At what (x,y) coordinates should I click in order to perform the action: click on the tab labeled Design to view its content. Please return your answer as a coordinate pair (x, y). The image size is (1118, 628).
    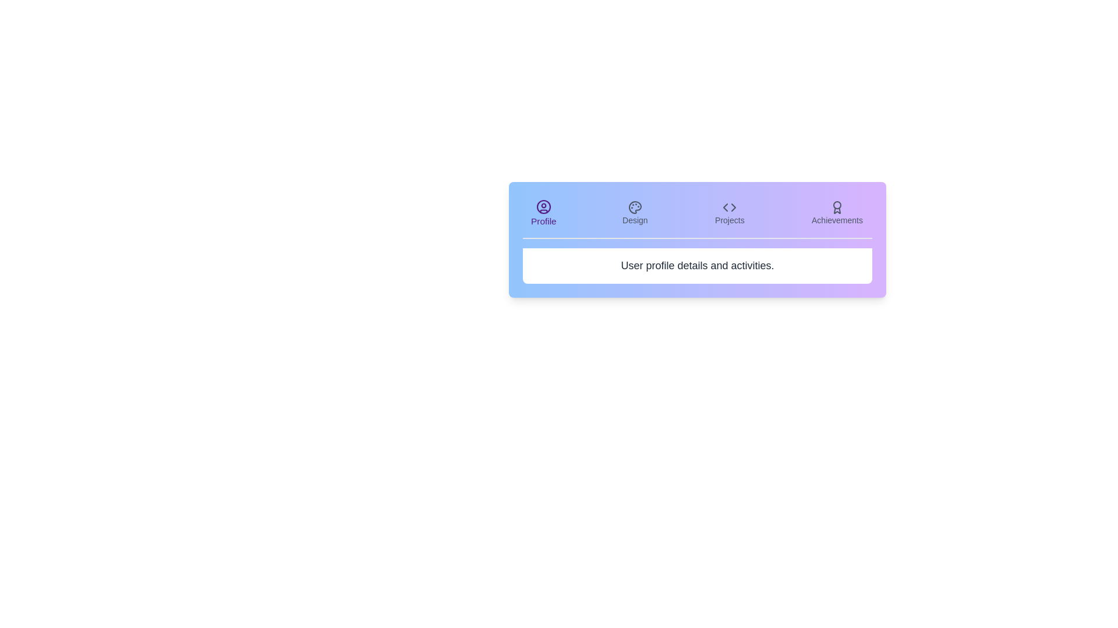
    Looking at the image, I should click on (634, 213).